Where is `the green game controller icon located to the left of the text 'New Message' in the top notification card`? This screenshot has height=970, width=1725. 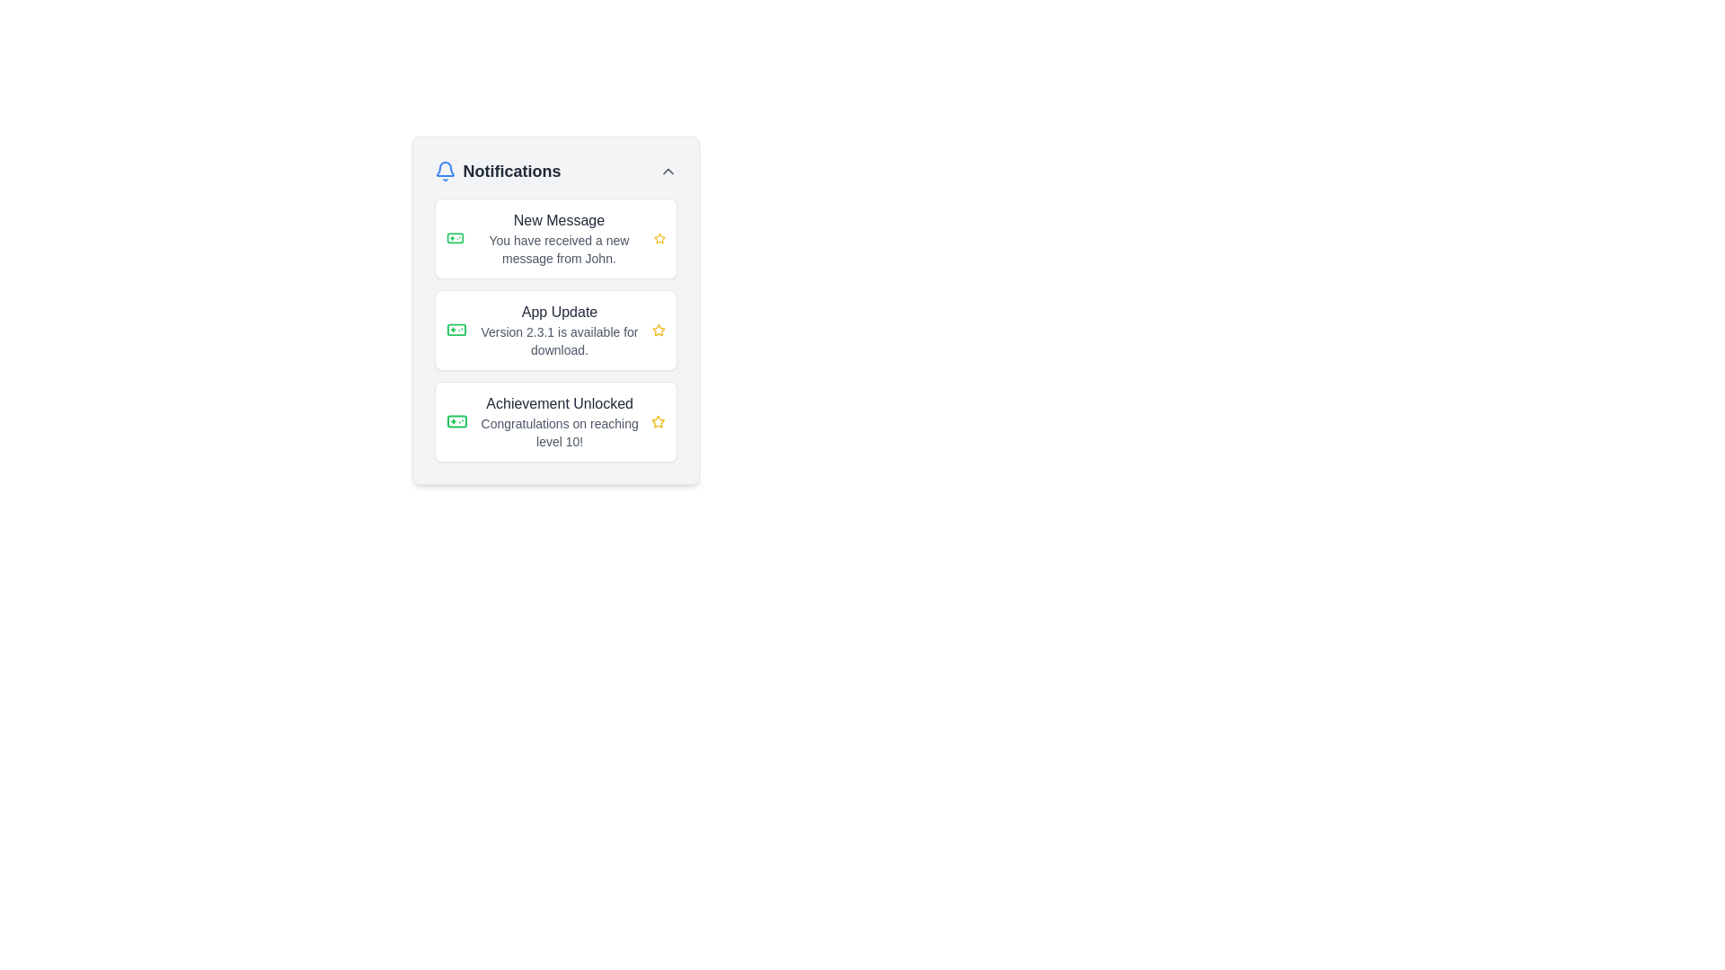
the green game controller icon located to the left of the text 'New Message' in the top notification card is located at coordinates (456, 422).